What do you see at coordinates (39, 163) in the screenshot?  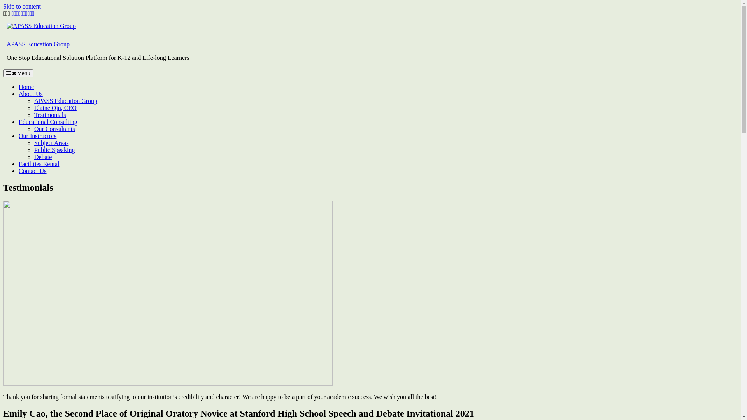 I see `'Facilities Rental'` at bounding box center [39, 163].